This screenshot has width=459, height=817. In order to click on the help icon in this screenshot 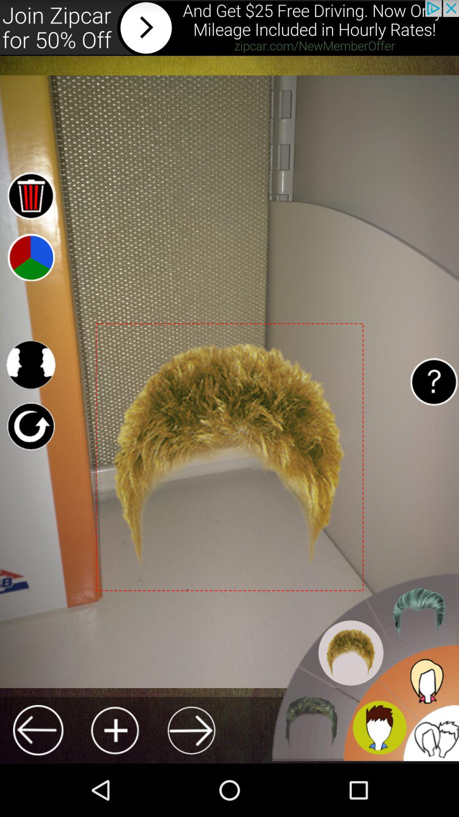, I will do `click(433, 408)`.